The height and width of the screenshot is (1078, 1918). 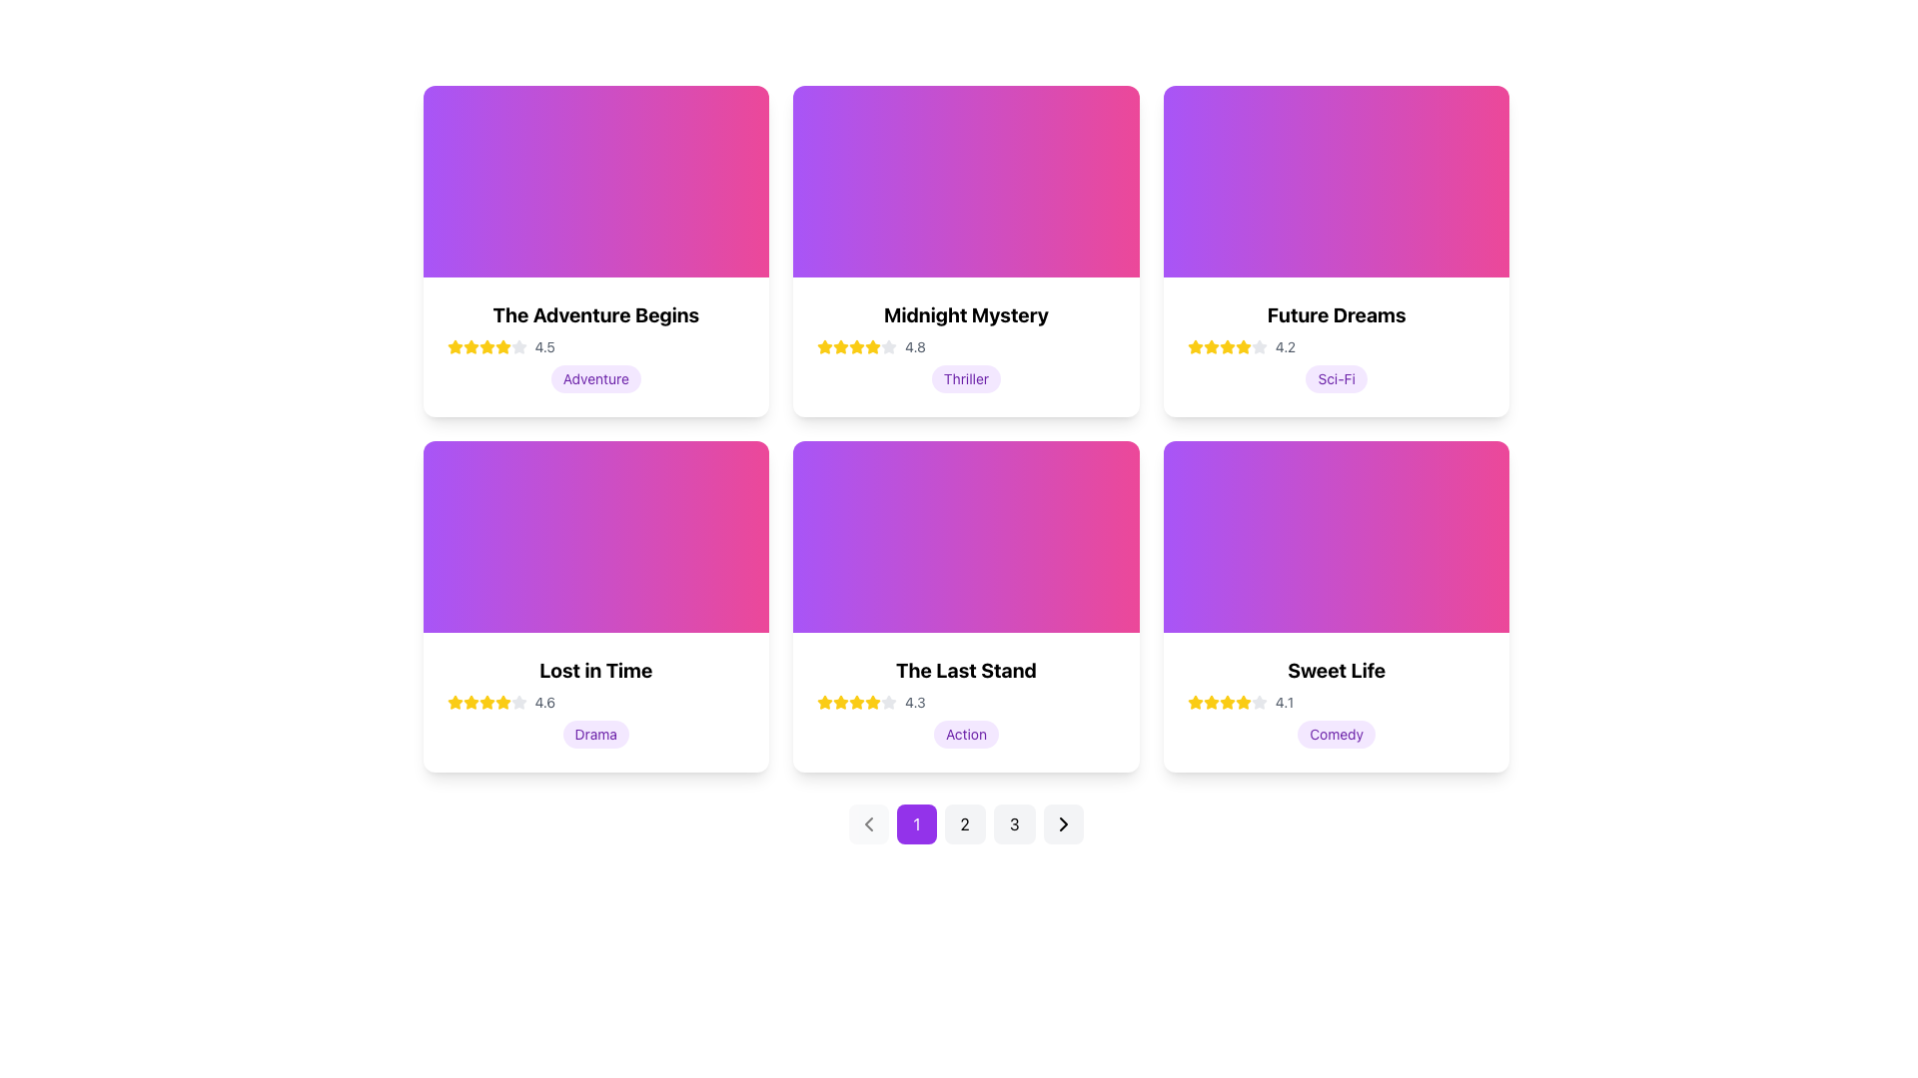 What do you see at coordinates (594, 606) in the screenshot?
I see `the content card displaying information about a movie or show located in the second row, first column of the grid layout` at bounding box center [594, 606].